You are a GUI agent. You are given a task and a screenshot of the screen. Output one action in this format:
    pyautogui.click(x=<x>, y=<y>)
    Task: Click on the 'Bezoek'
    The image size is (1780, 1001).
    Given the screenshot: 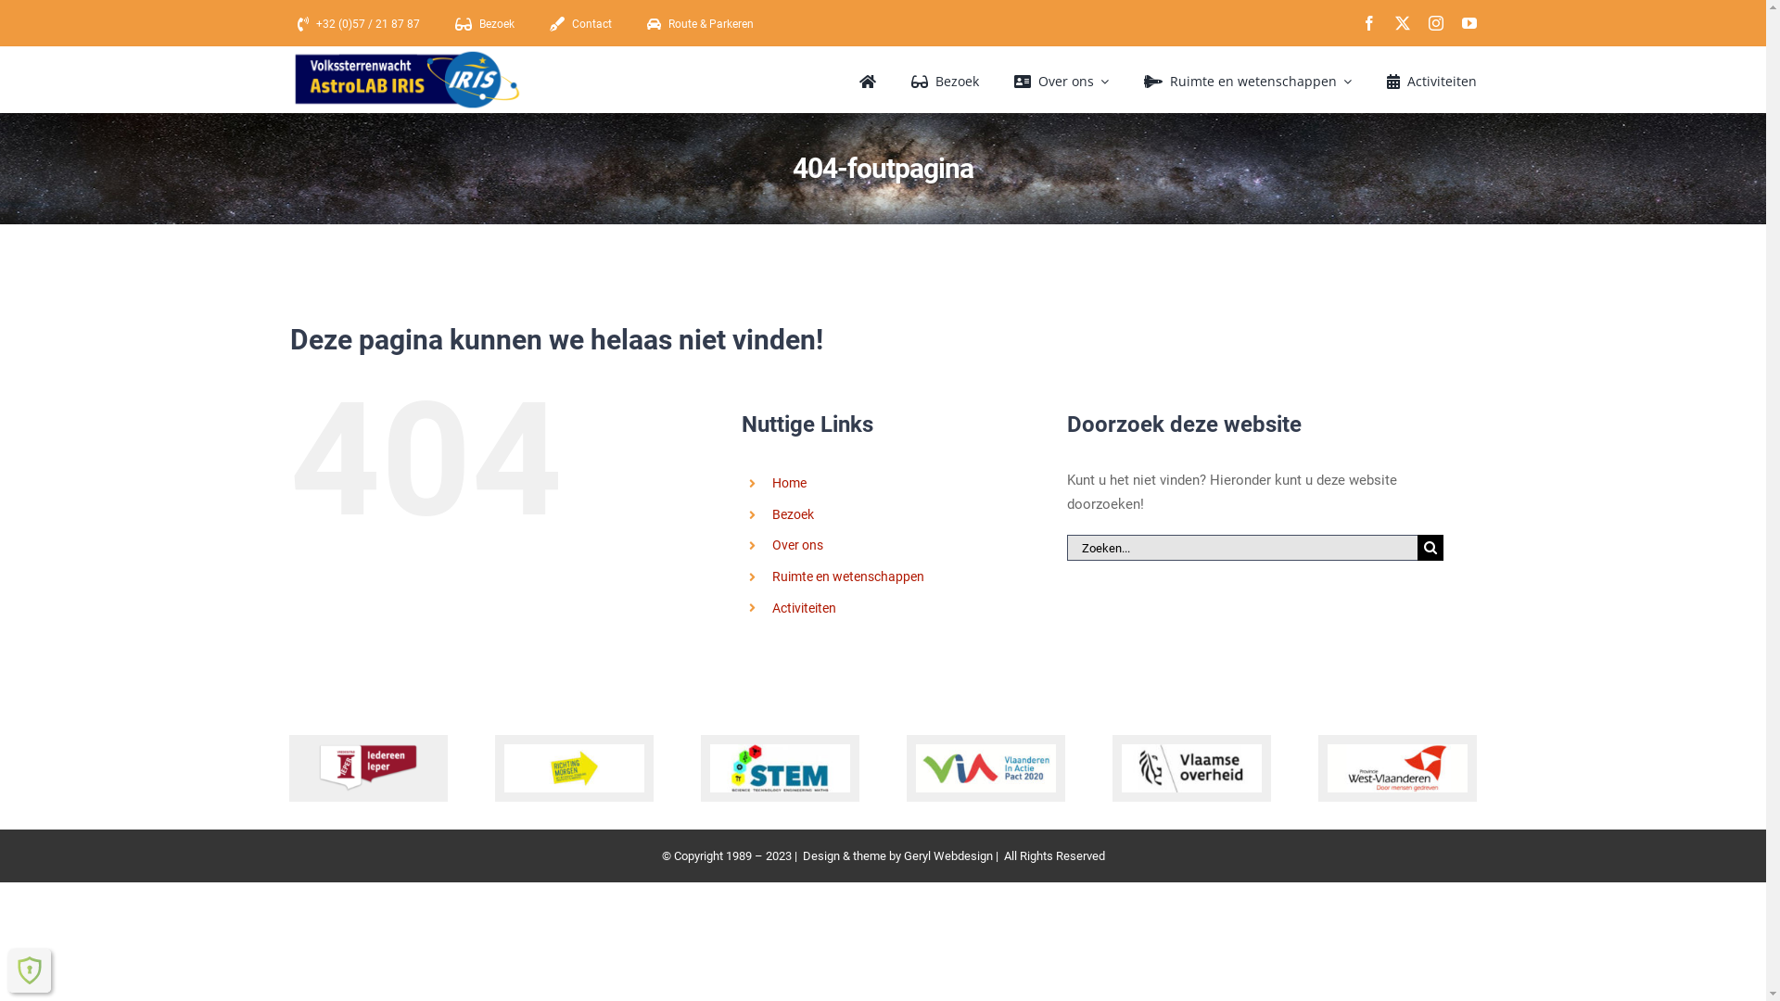 What is the action you would take?
    pyautogui.click(x=772, y=514)
    